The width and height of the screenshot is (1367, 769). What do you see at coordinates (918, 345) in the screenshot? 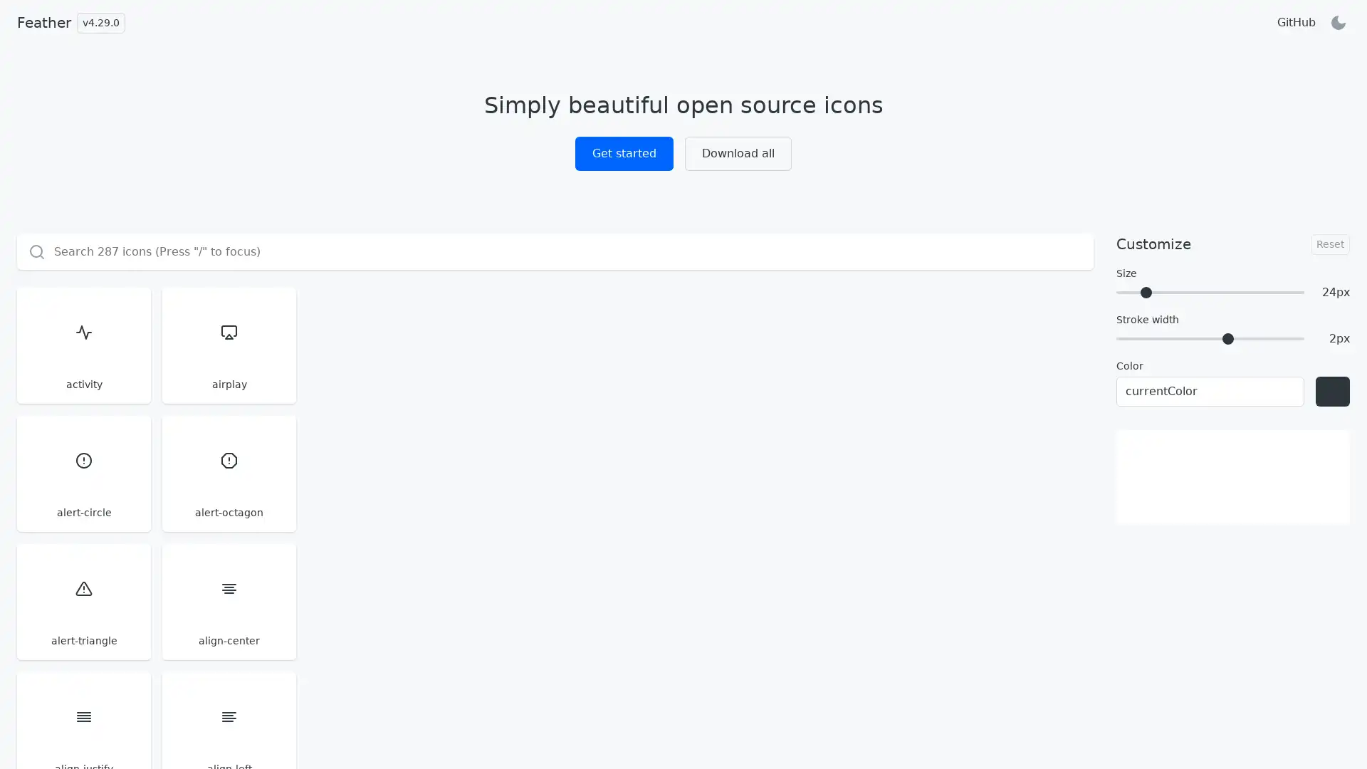
I see `align-left` at bounding box center [918, 345].